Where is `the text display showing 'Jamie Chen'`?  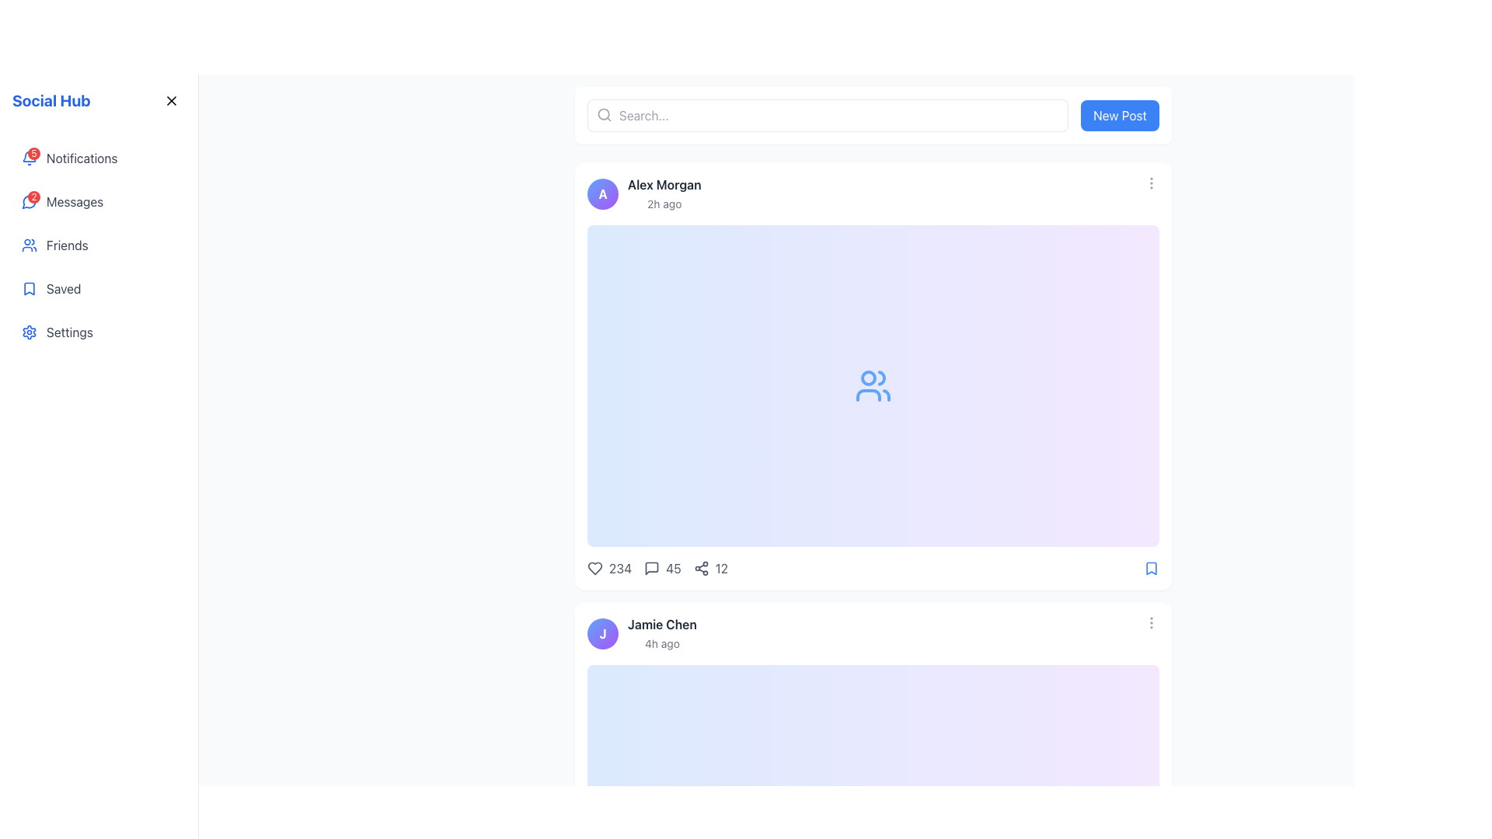 the text display showing 'Jamie Chen' is located at coordinates (661, 634).